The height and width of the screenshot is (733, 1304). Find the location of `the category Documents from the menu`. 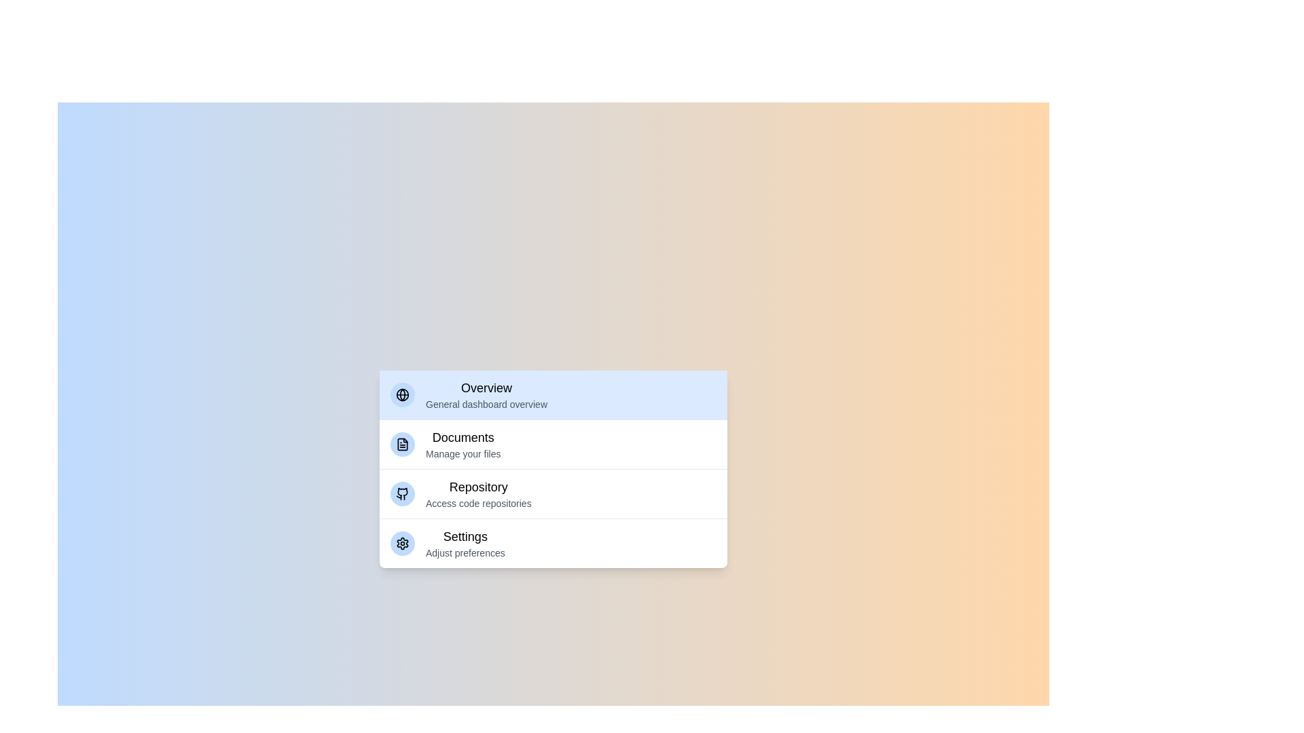

the category Documents from the menu is located at coordinates (554, 444).